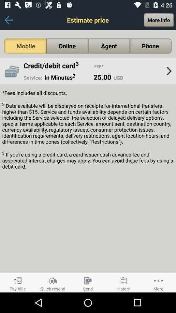 The height and width of the screenshot is (313, 176). I want to click on icon above the mobile item, so click(8, 20).